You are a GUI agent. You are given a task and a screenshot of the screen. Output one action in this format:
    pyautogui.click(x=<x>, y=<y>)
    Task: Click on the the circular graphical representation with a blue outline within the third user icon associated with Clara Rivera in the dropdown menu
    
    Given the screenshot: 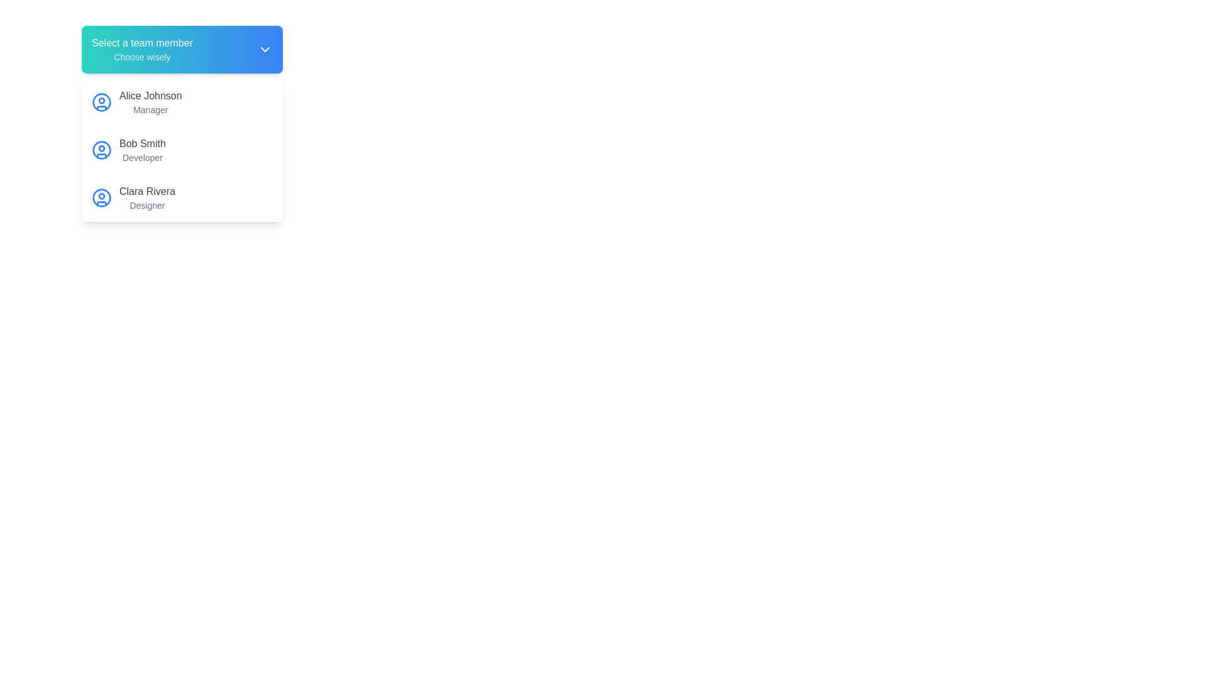 What is the action you would take?
    pyautogui.click(x=102, y=198)
    